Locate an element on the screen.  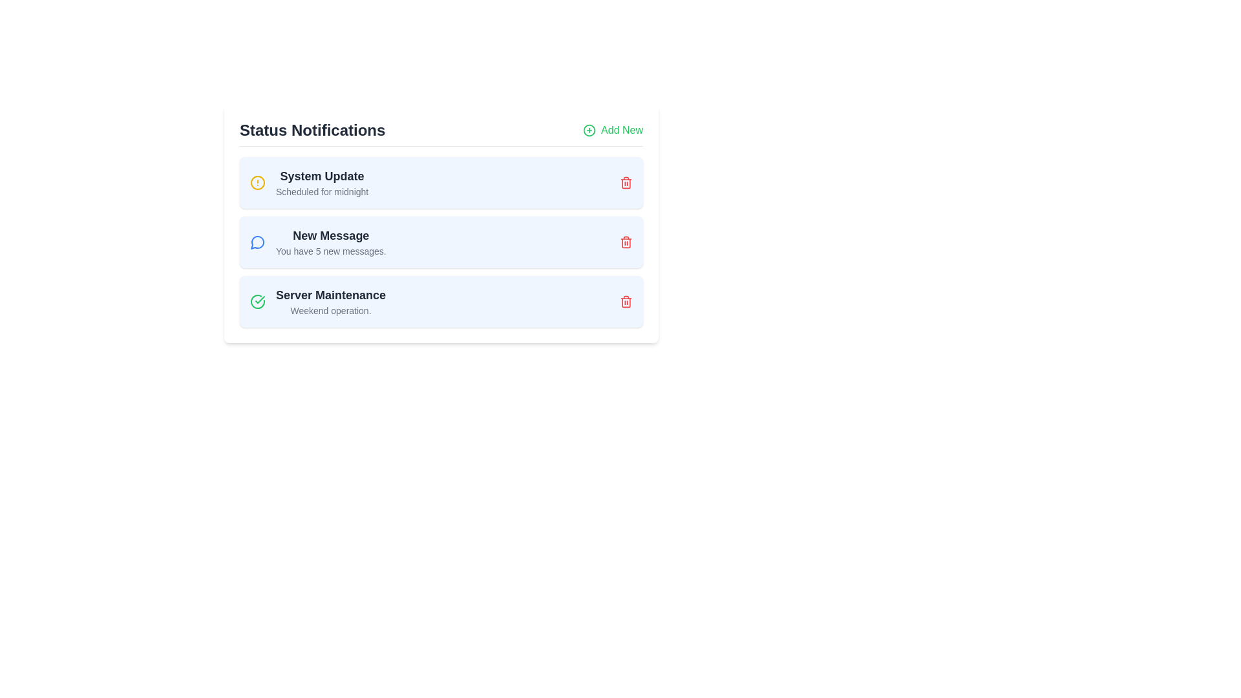
trash icon next to the item titled System Update to remove it is located at coordinates (626, 182).